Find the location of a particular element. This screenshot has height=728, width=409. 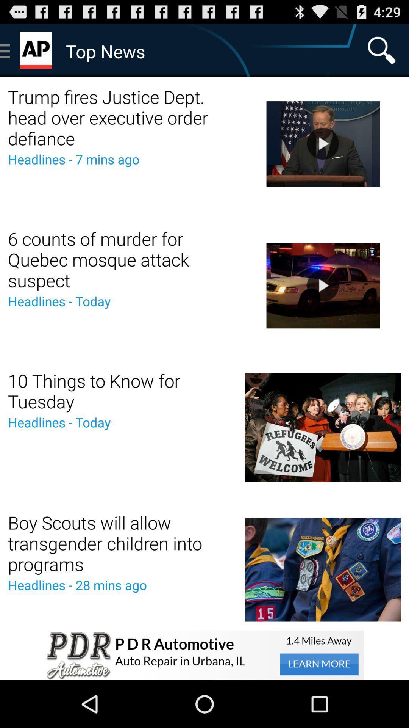

image from bottom 2nd one on the right side is located at coordinates (323, 427).